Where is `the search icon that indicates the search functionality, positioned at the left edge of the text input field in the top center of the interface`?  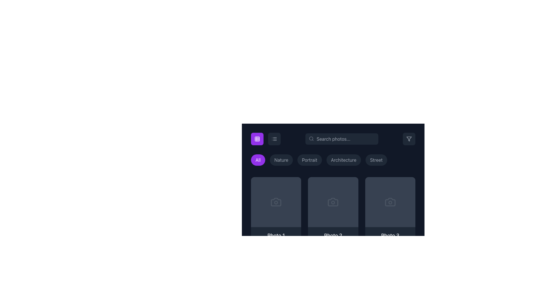 the search icon that indicates the search functionality, positioned at the left edge of the text input field in the top center of the interface is located at coordinates (311, 139).